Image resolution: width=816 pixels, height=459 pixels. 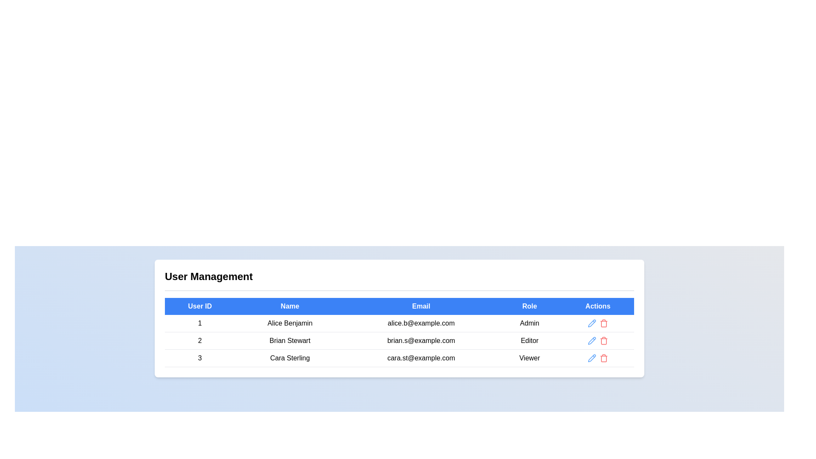 I want to click on the text label displaying the user's name located in the third row of the user management data table under the 'Name' column, so click(x=290, y=358).